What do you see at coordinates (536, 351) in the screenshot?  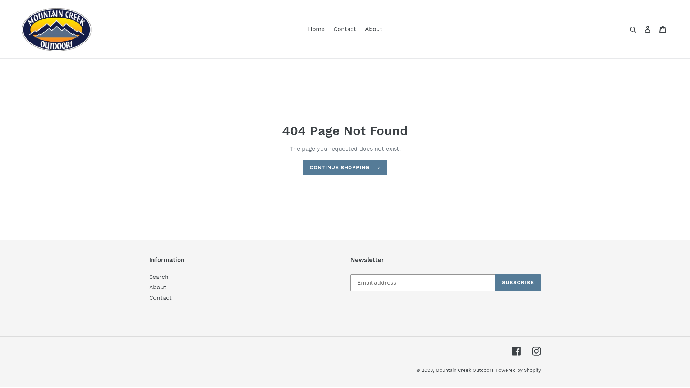 I see `'Instagram'` at bounding box center [536, 351].